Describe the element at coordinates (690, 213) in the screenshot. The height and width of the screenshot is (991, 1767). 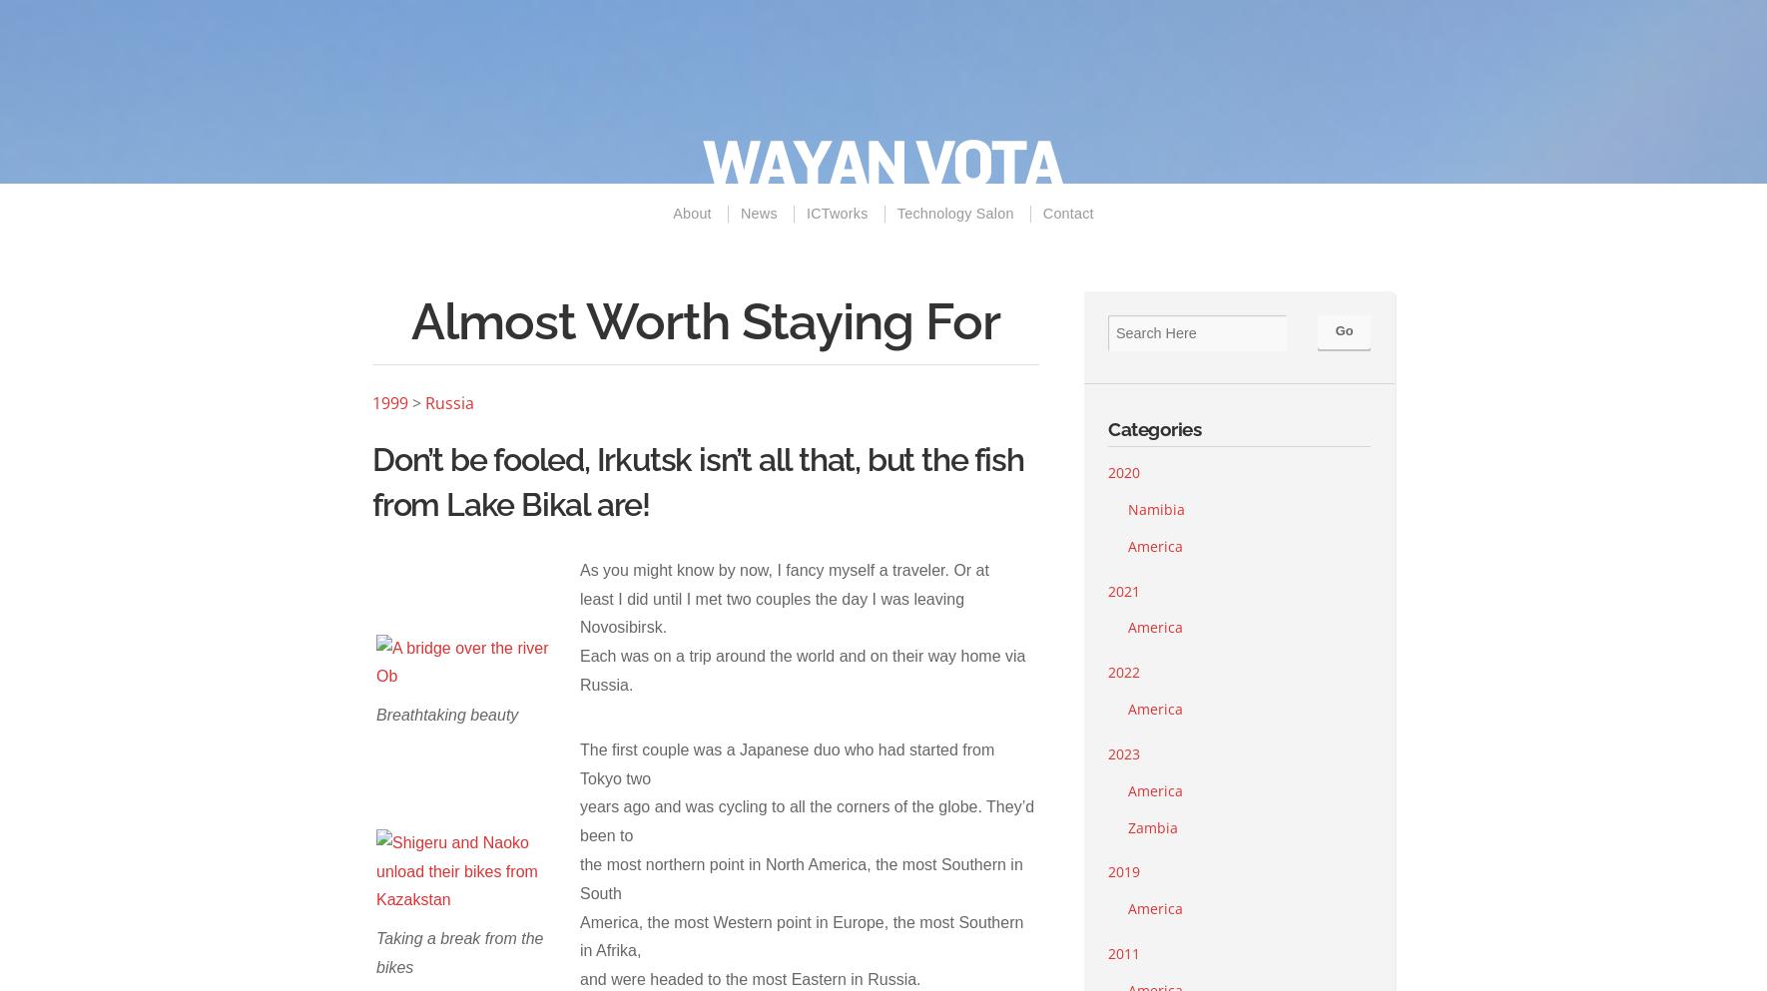
I see `'About'` at that location.